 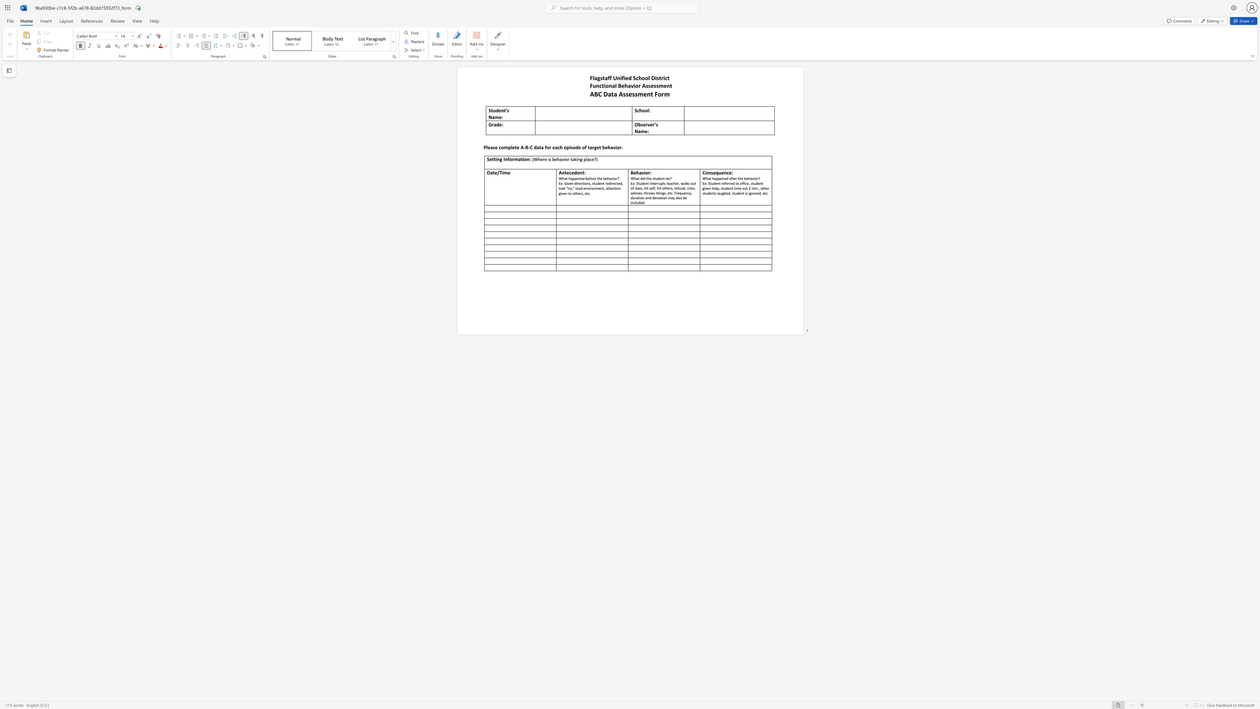 I want to click on the subset text "en" within the text "Antecedent:", so click(x=577, y=173).